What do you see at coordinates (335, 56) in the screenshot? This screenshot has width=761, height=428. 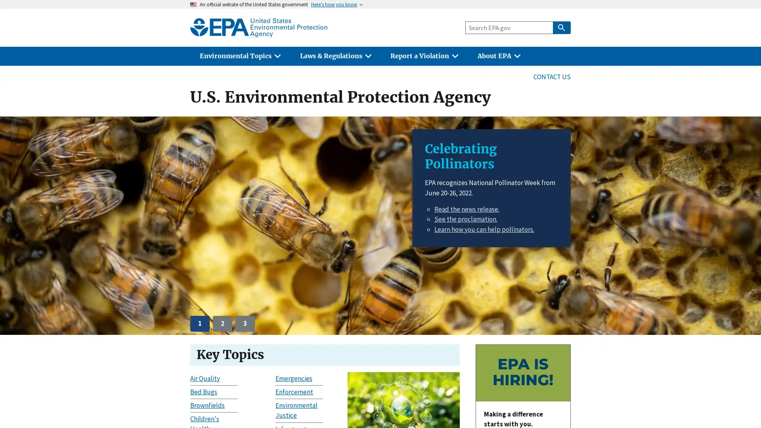 I see `Laws & Regulations` at bounding box center [335, 56].